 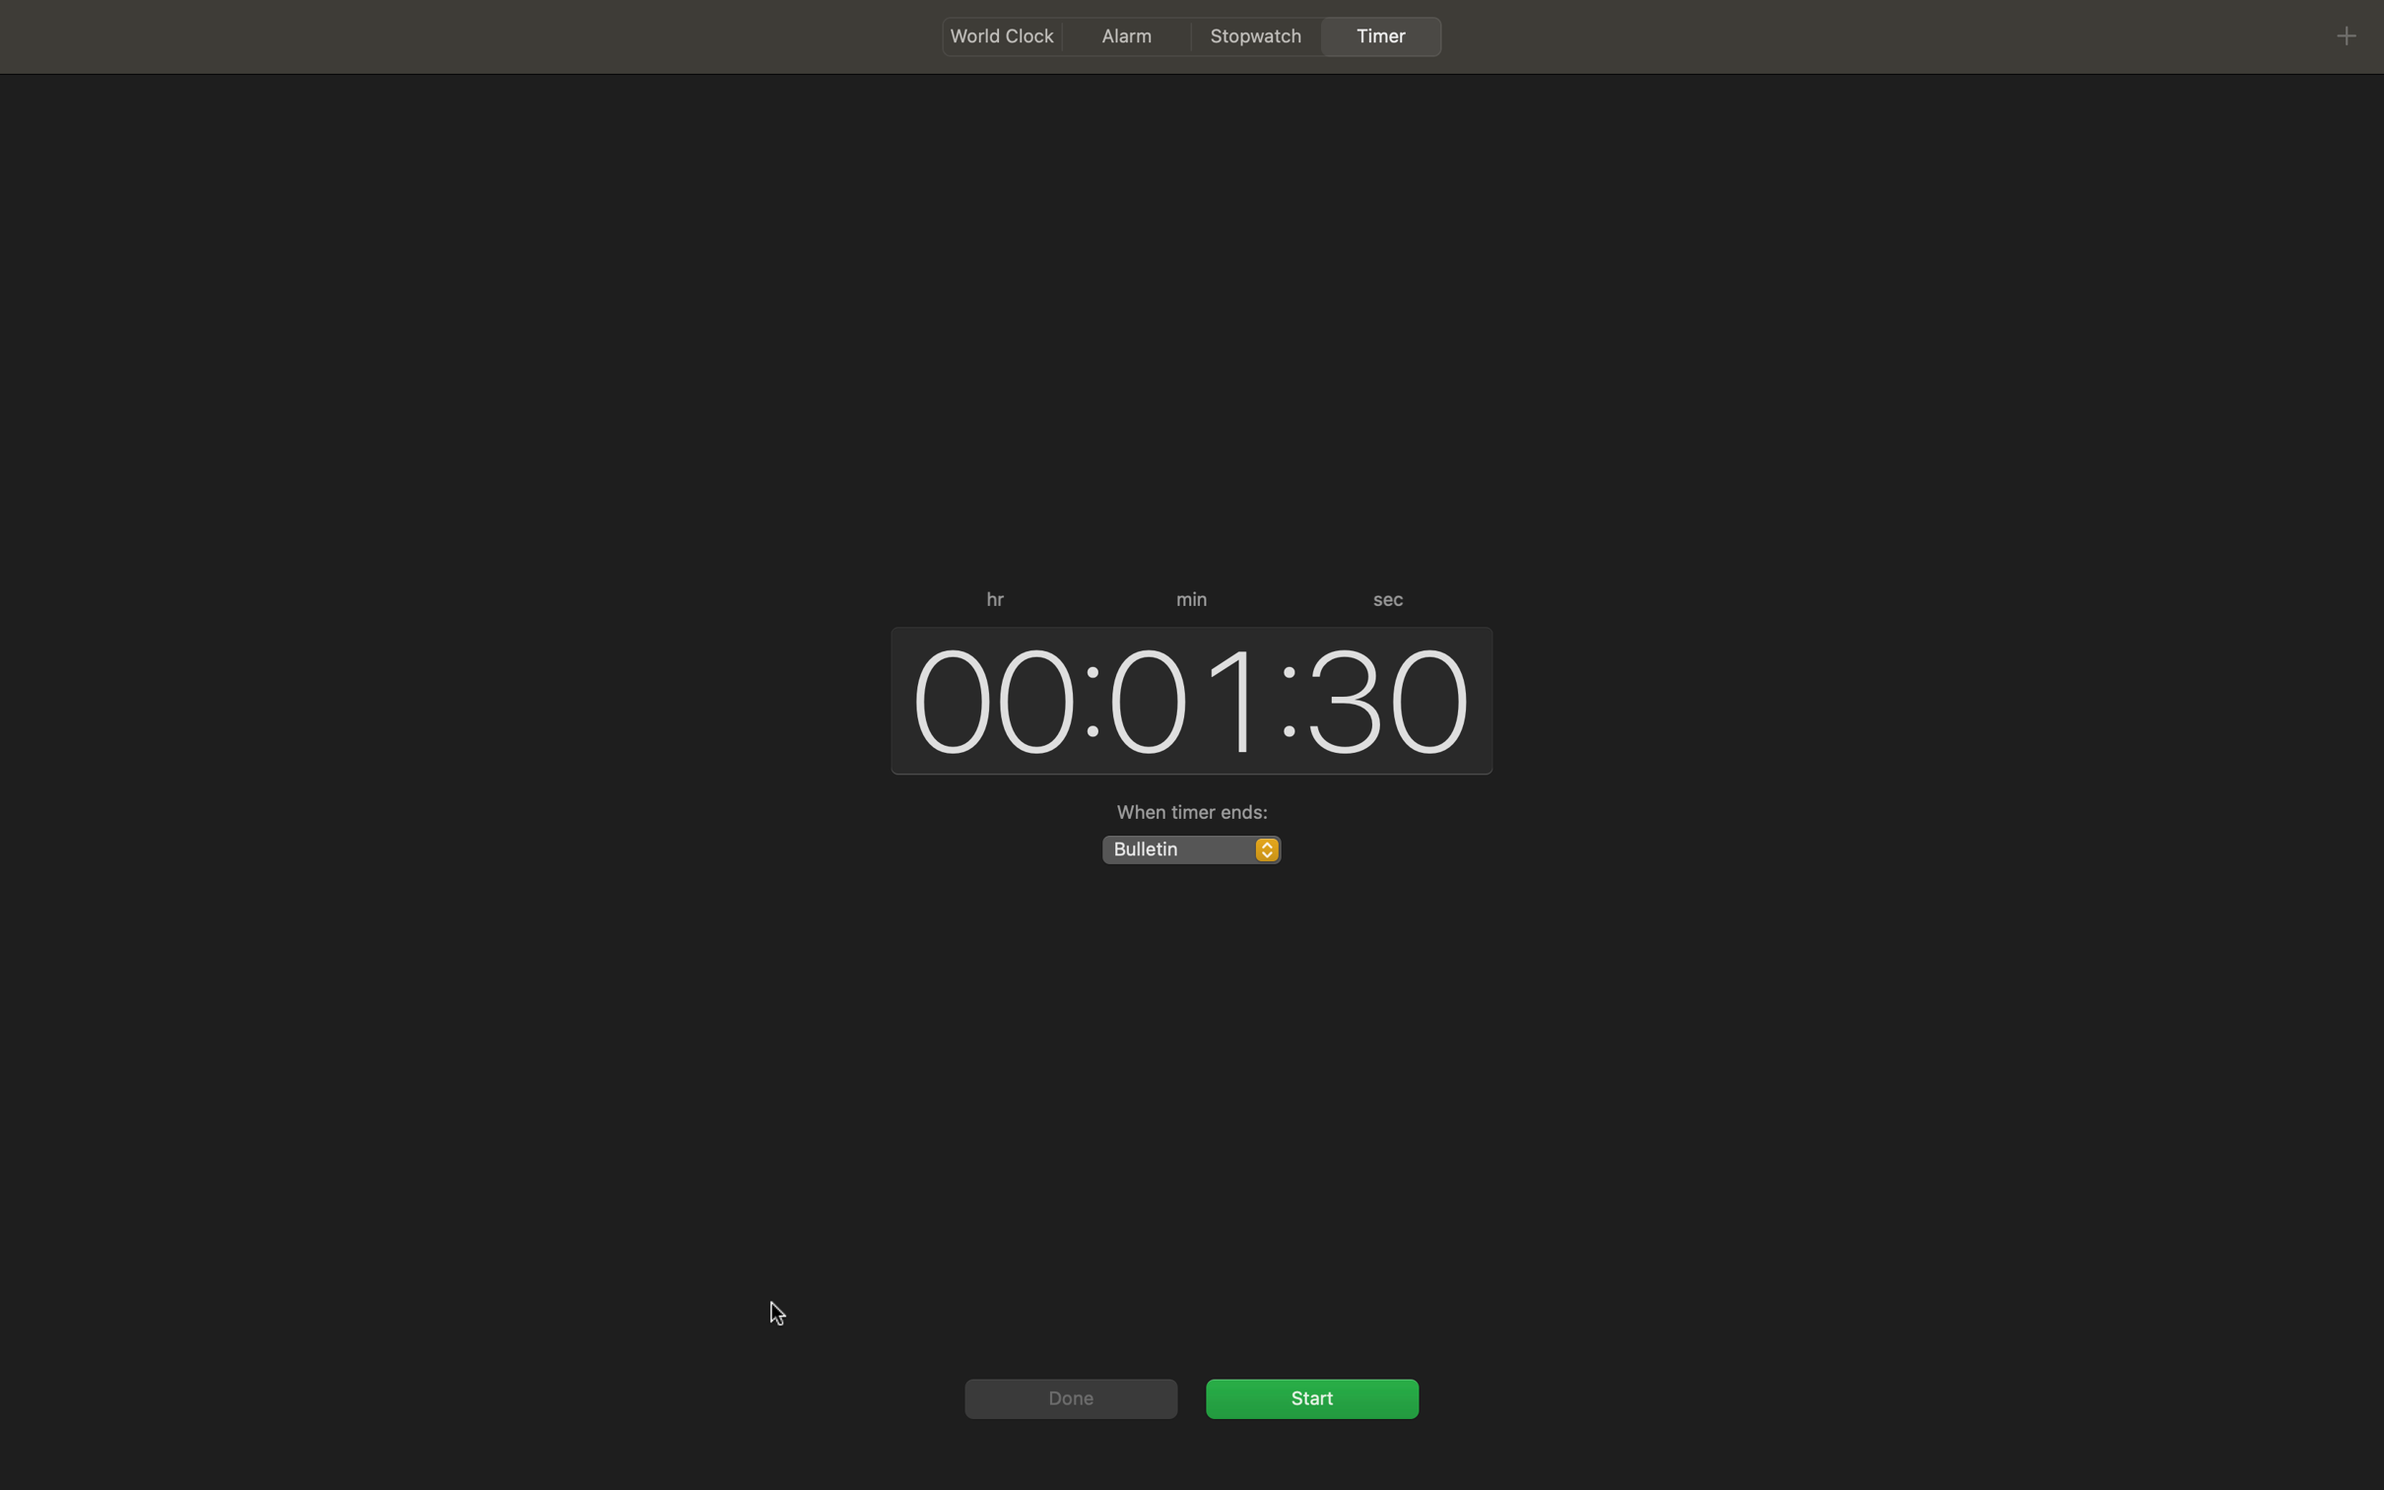 What do you see at coordinates (1183, 698) in the screenshot?
I see `Decrease minutes by 5` at bounding box center [1183, 698].